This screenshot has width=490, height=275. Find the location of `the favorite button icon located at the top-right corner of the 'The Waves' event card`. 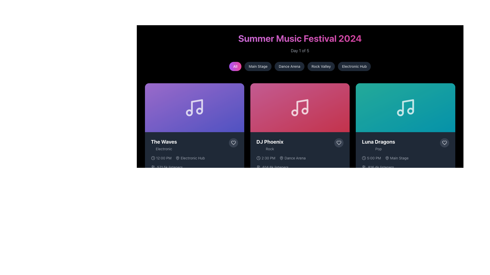

the favorite button icon located at the top-right corner of the 'The Waves' event card is located at coordinates (233, 143).